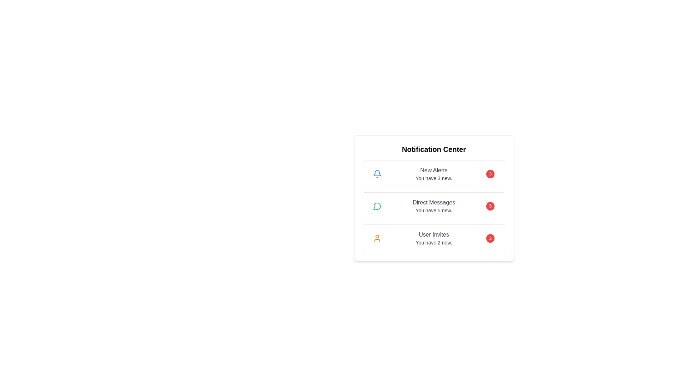 This screenshot has height=386, width=686. I want to click on the text display containing the string 'You have 3 new.' which is located below the 'New Alerts' heading within the first notification card in the 'Notification Center' section, so click(433, 178).